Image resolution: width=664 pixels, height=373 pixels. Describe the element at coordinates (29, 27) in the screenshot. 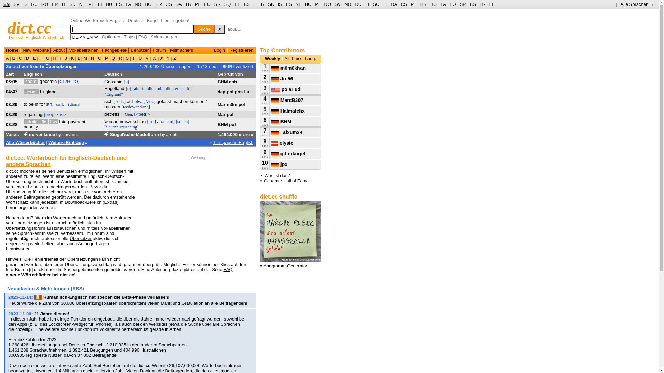

I see `'dict.cc'` at that location.